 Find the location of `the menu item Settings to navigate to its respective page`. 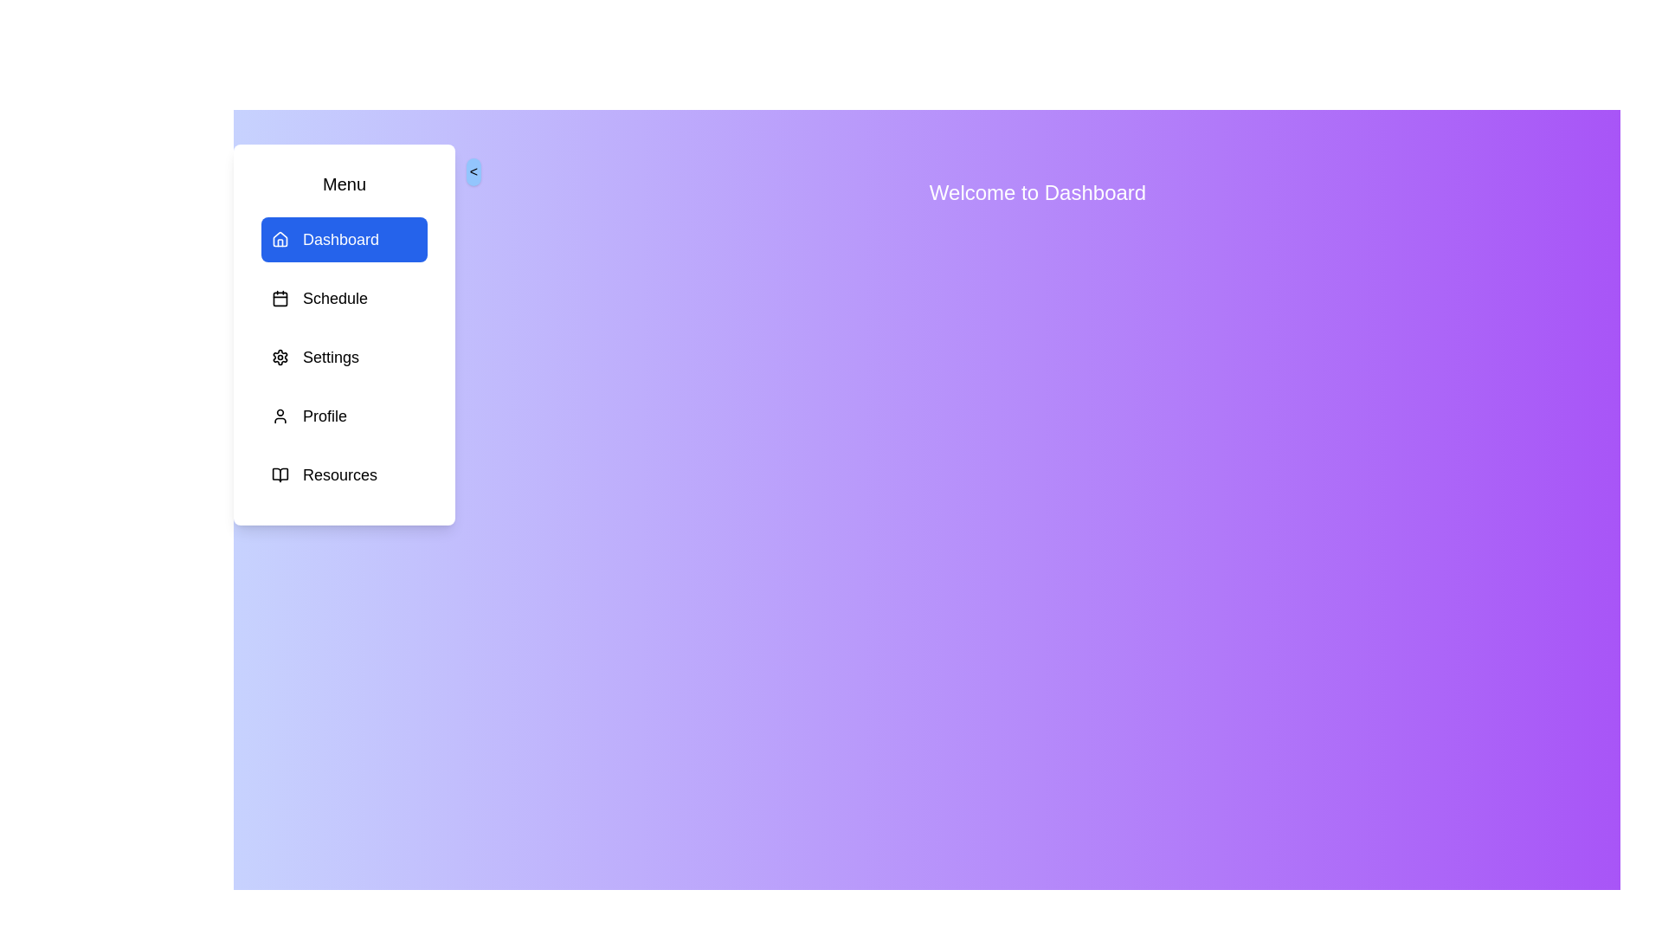

the menu item Settings to navigate to its respective page is located at coordinates (345, 356).